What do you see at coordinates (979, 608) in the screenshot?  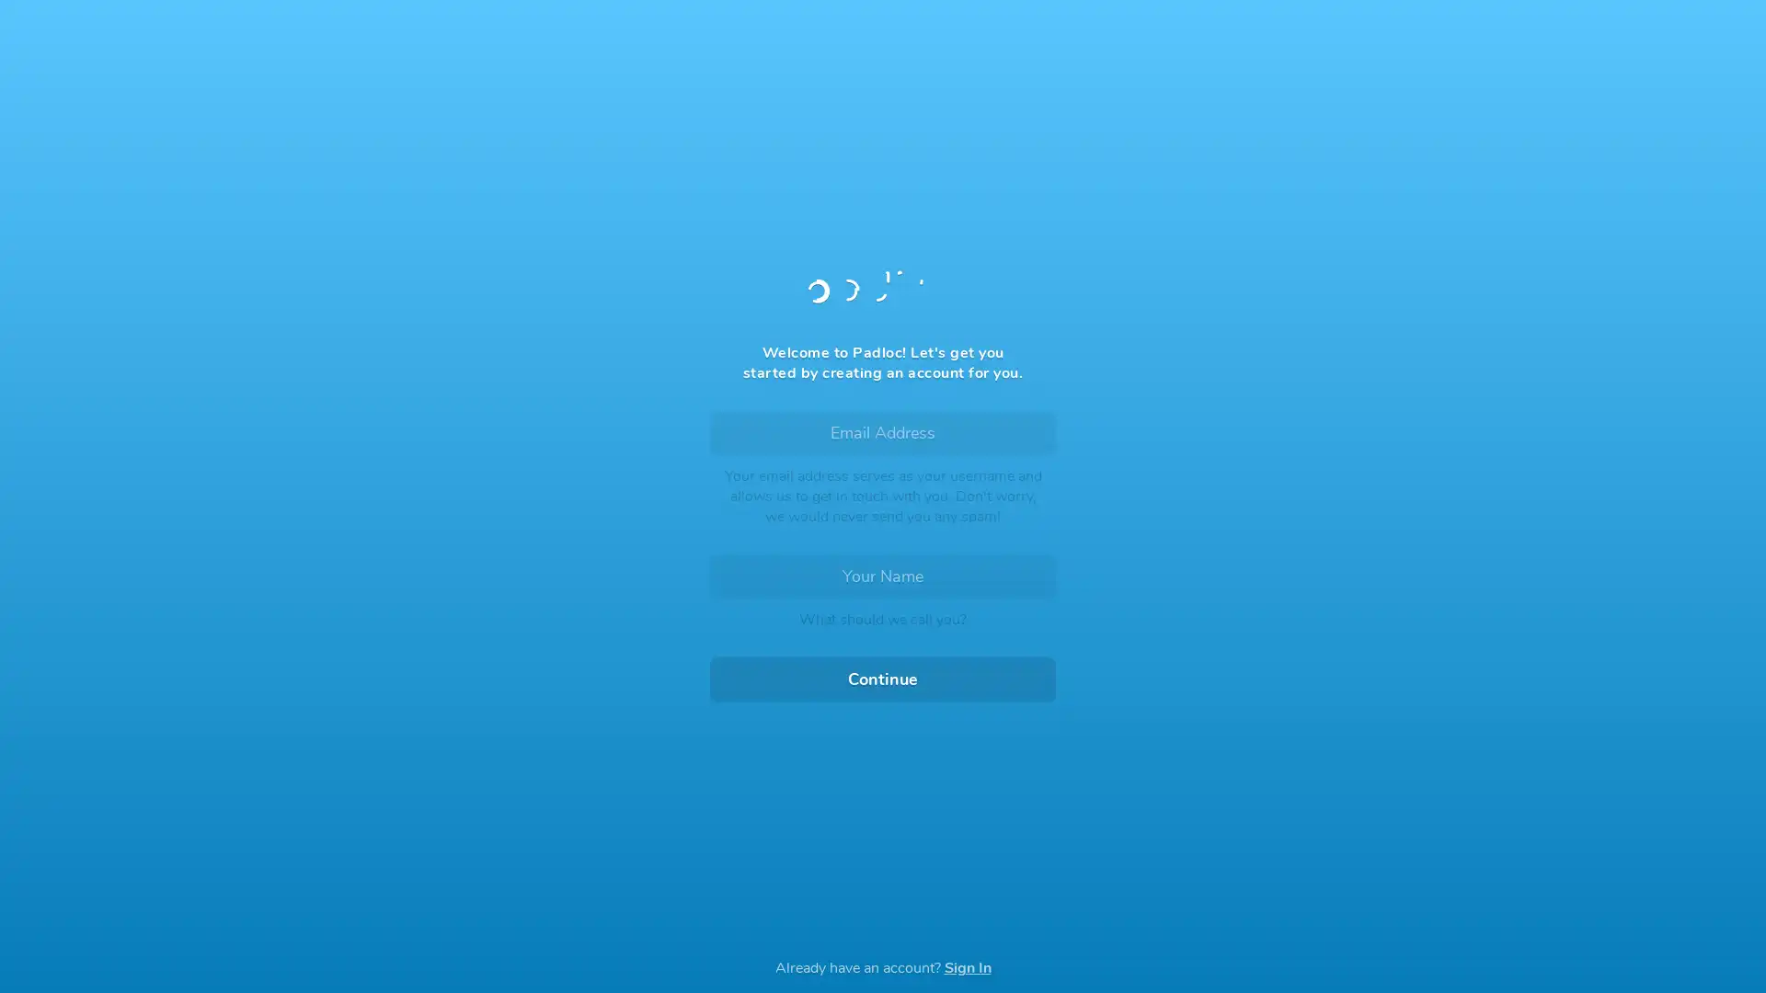 I see `Create Organization` at bounding box center [979, 608].